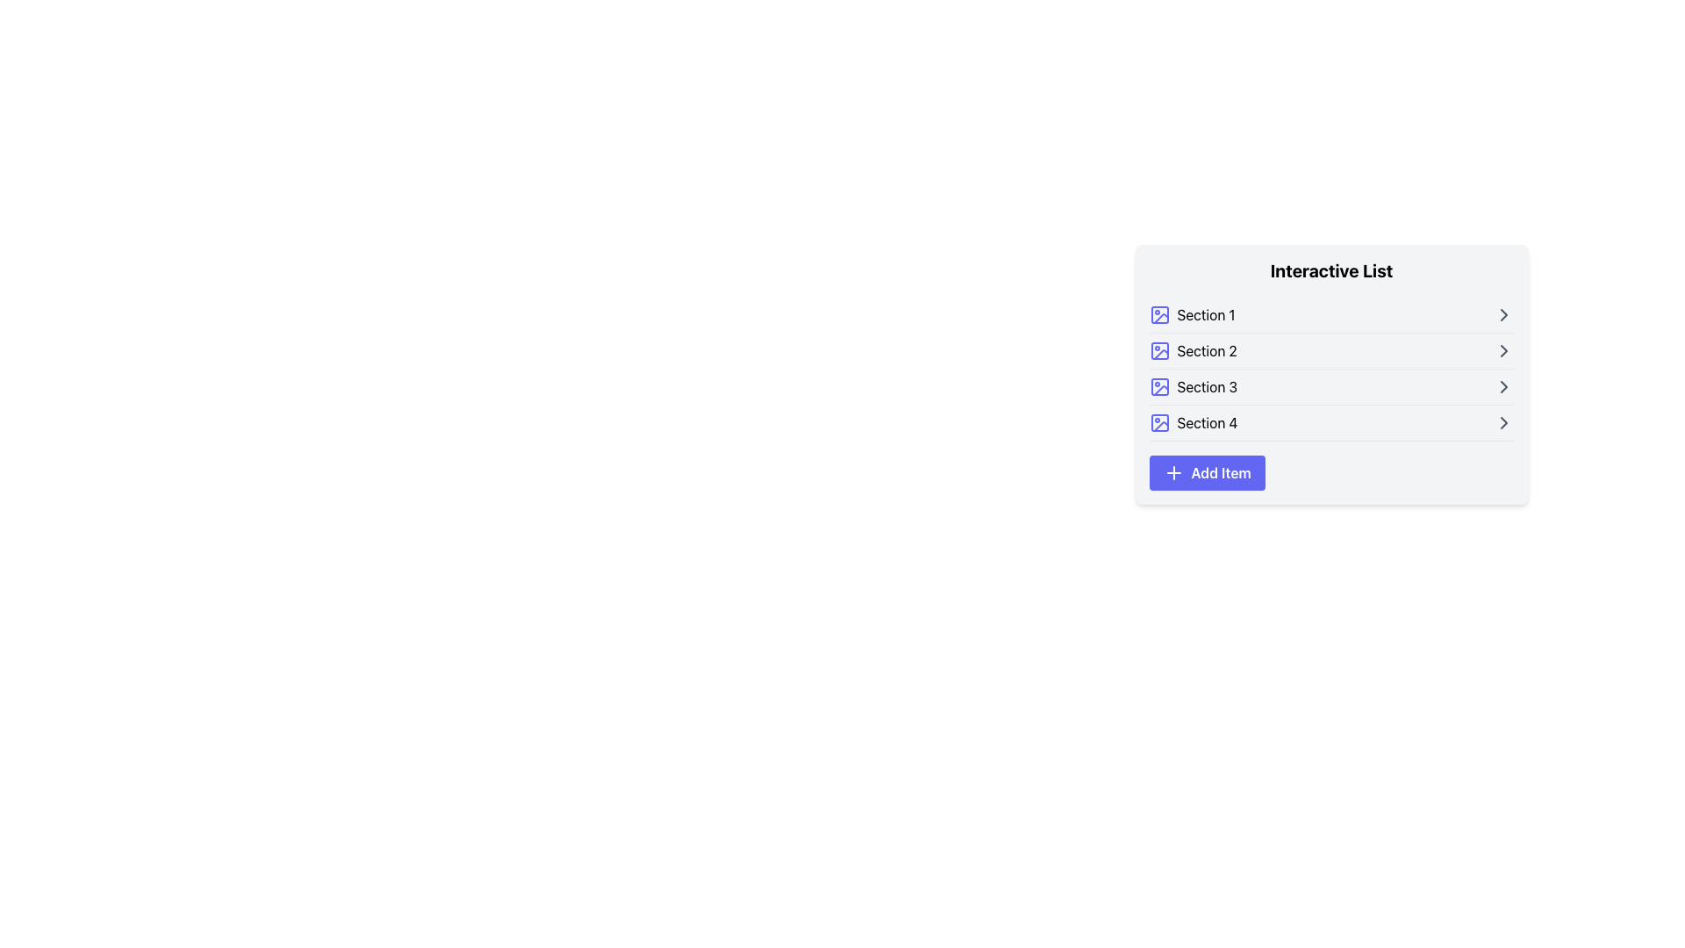 The image size is (1685, 948). Describe the element at coordinates (1159, 351) in the screenshot. I see `the small square with rounded corners that is part of the image placeholder icon in the second list item of the 'Interactive List'` at that location.